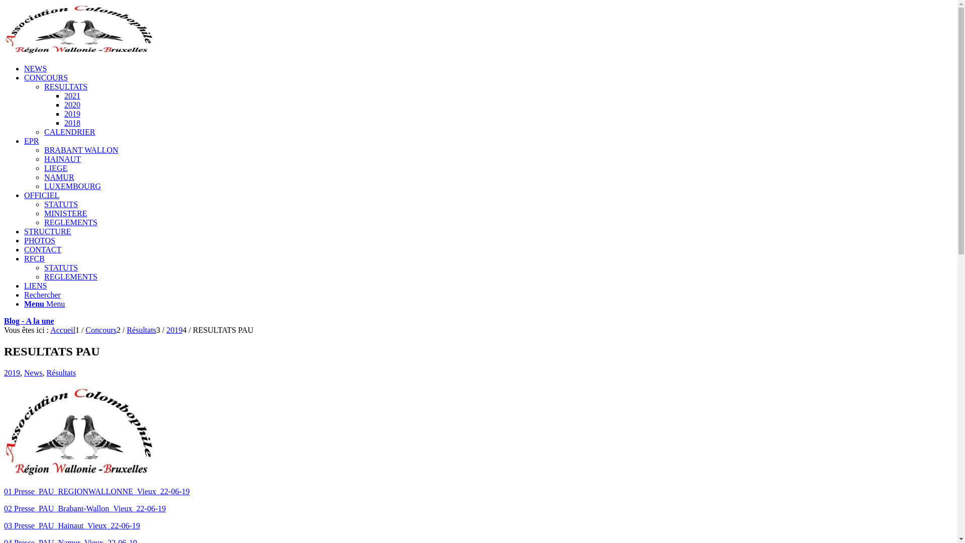 This screenshot has height=543, width=965. Describe the element at coordinates (55, 167) in the screenshot. I see `'LIEGE'` at that location.